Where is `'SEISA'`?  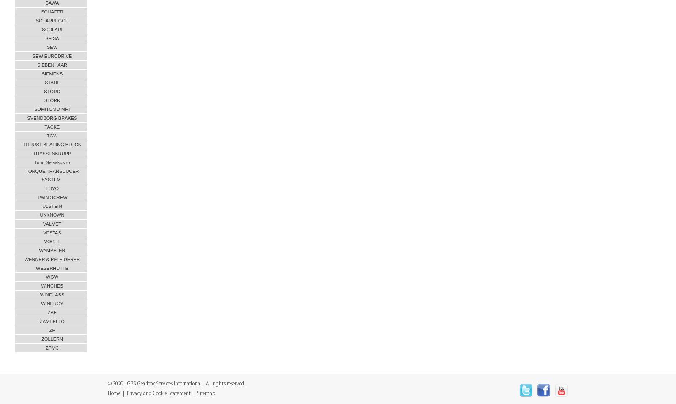
'SEISA' is located at coordinates (52, 38).